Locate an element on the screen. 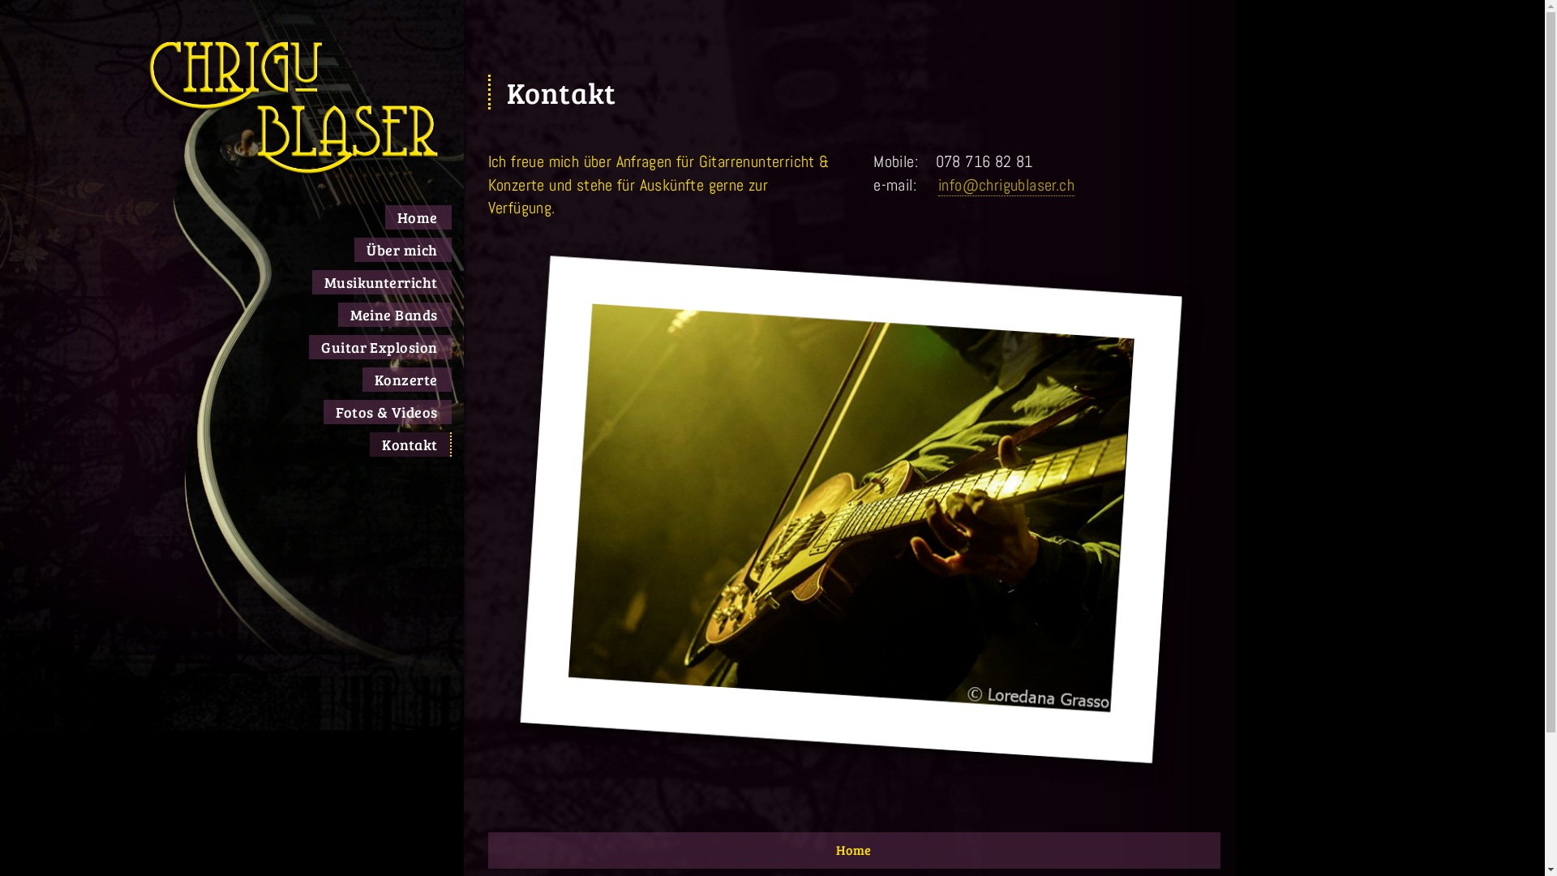 The image size is (1557, 876). 'info@chrigublaser.ch' is located at coordinates (937, 184).